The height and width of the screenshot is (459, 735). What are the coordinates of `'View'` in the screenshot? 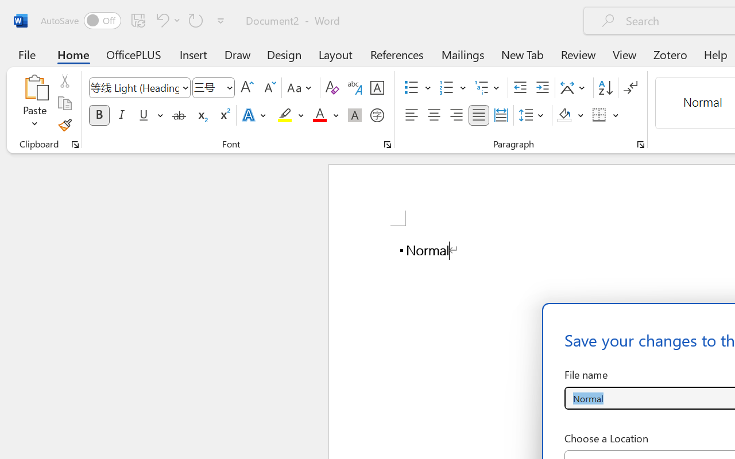 It's located at (624, 54).